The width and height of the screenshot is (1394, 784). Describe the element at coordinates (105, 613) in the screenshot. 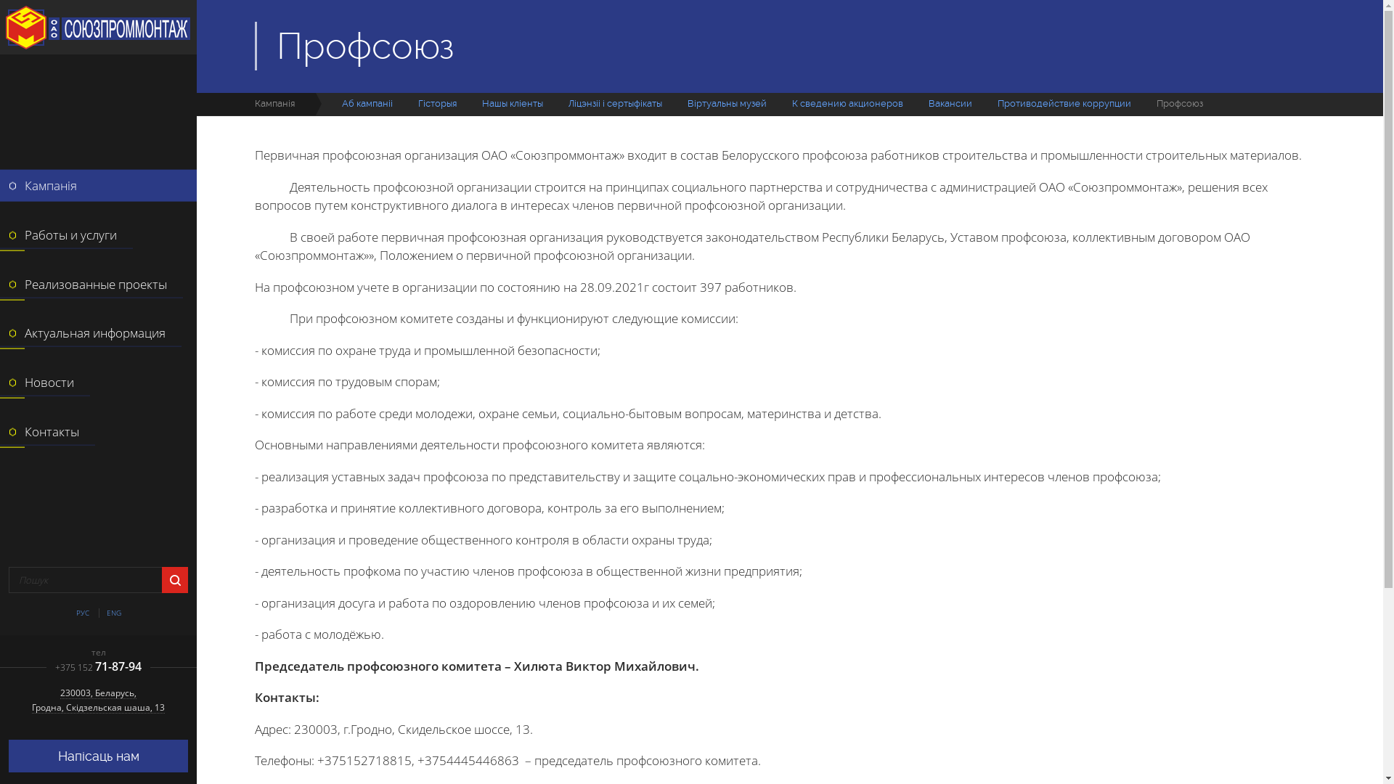

I see `'ENG'` at that location.